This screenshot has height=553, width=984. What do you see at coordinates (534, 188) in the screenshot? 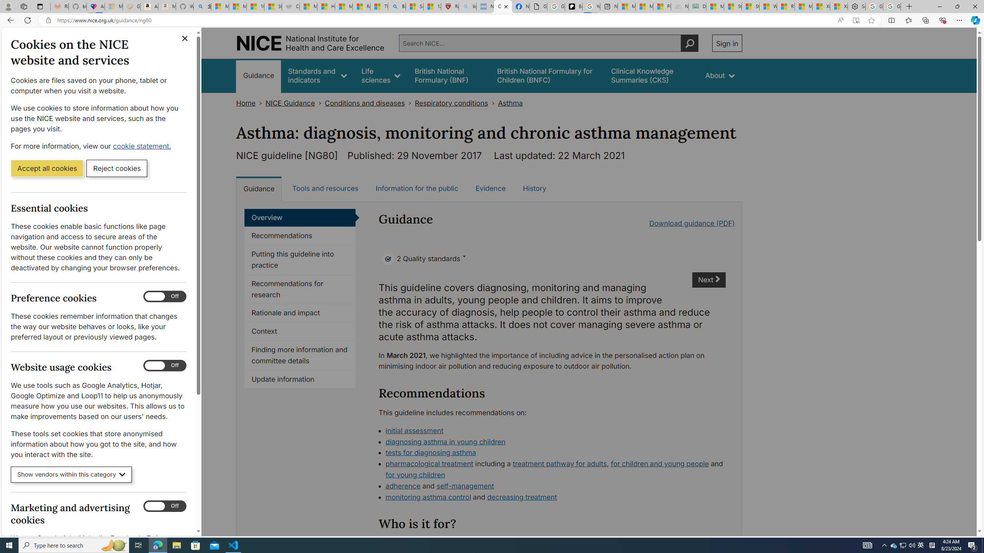
I see `'History'` at bounding box center [534, 188].